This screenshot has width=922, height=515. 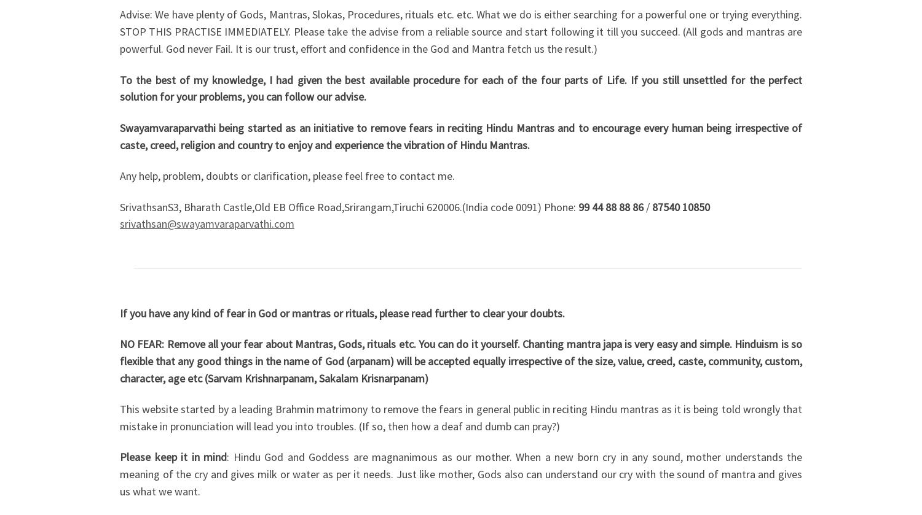 I want to click on 'srivathsan@swayamvaraparvathi.com', so click(x=207, y=223).